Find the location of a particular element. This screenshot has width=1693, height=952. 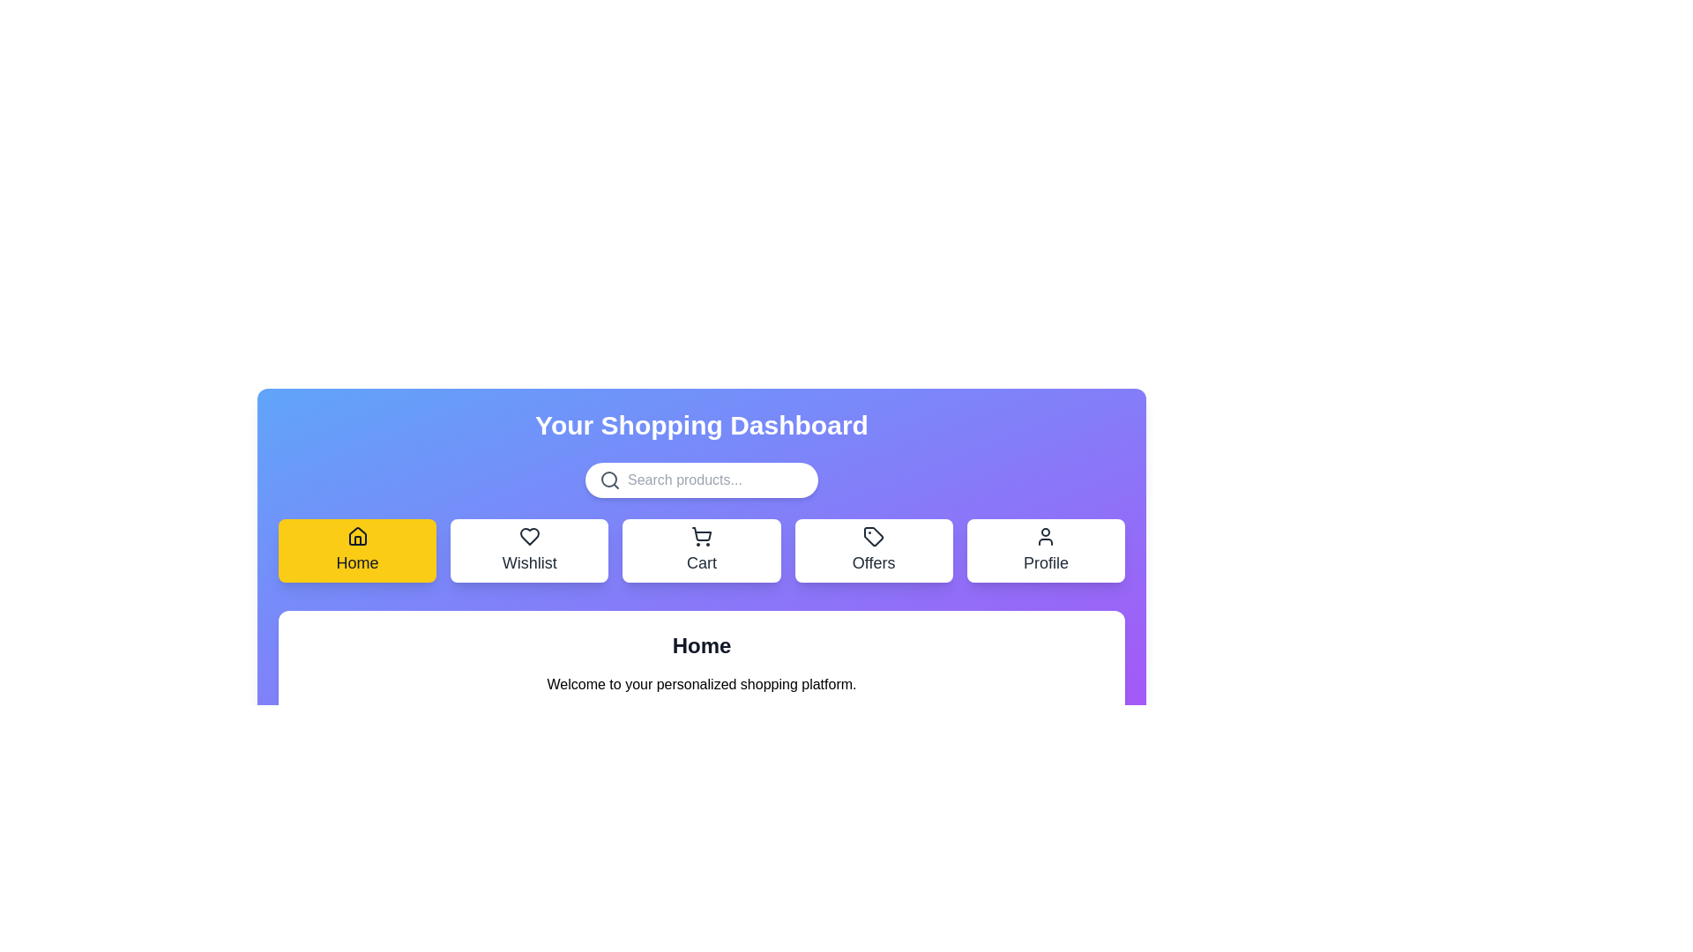

the rectangular button labeled 'Profile' with a user icon above the text is located at coordinates (1046, 549).